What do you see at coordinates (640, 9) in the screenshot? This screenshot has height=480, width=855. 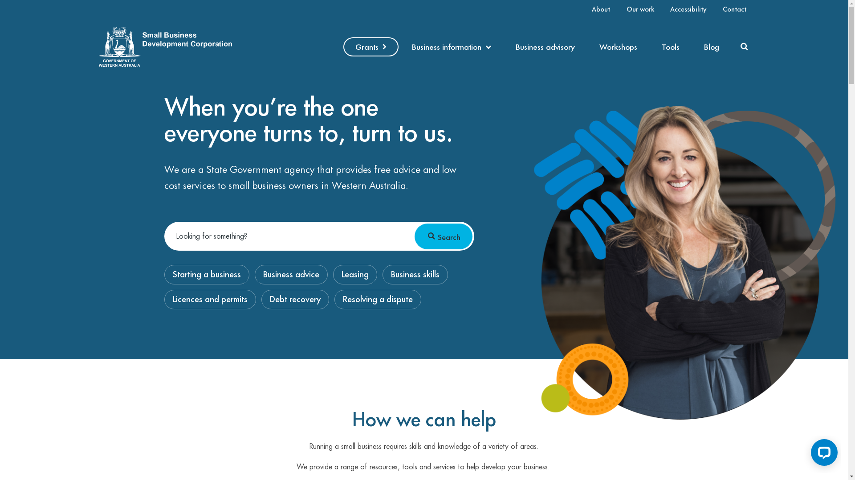 I see `'Our work'` at bounding box center [640, 9].